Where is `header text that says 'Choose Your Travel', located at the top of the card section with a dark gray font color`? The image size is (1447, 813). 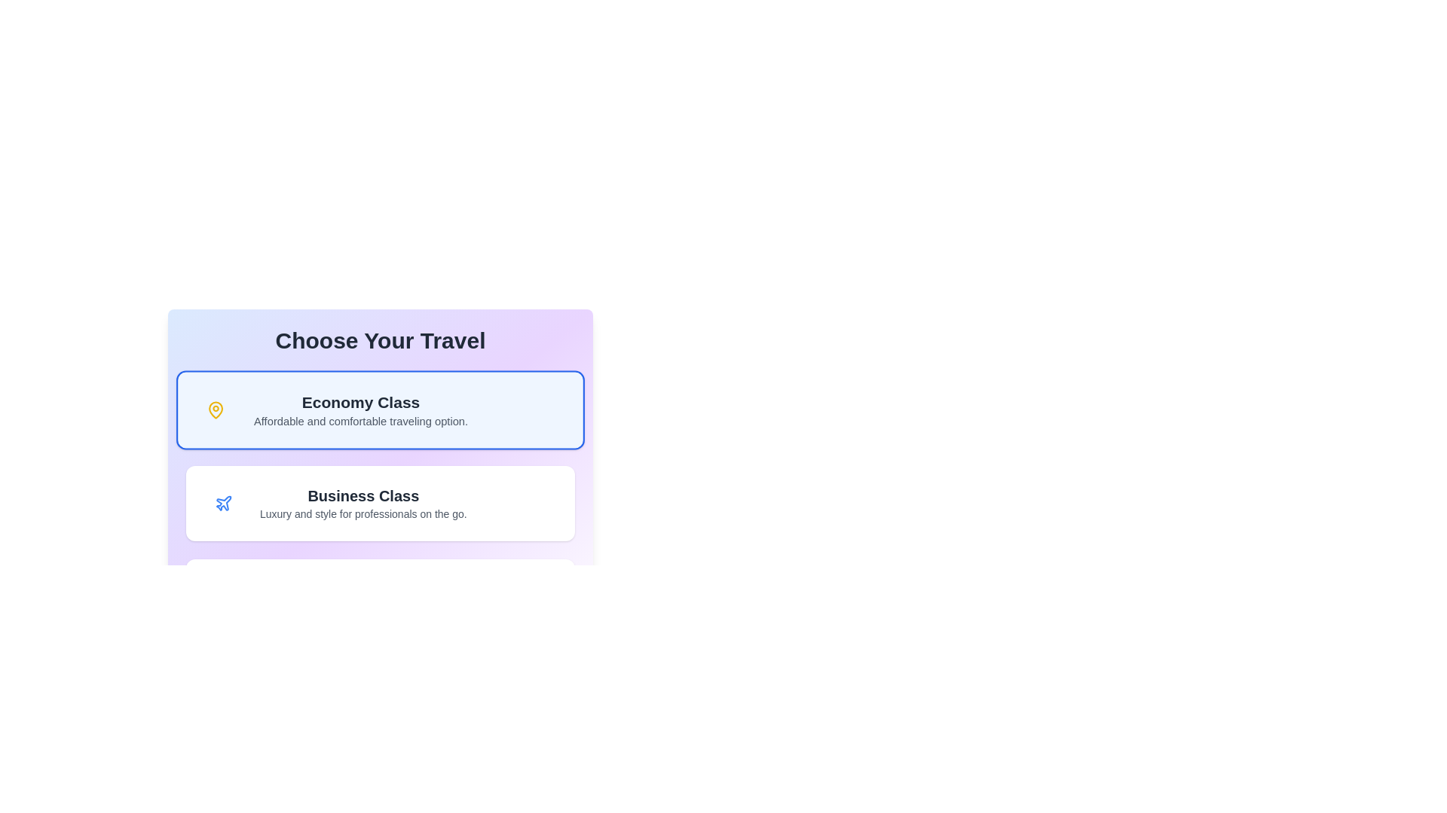
header text that says 'Choose Your Travel', located at the top of the card section with a dark gray font color is located at coordinates (380, 340).